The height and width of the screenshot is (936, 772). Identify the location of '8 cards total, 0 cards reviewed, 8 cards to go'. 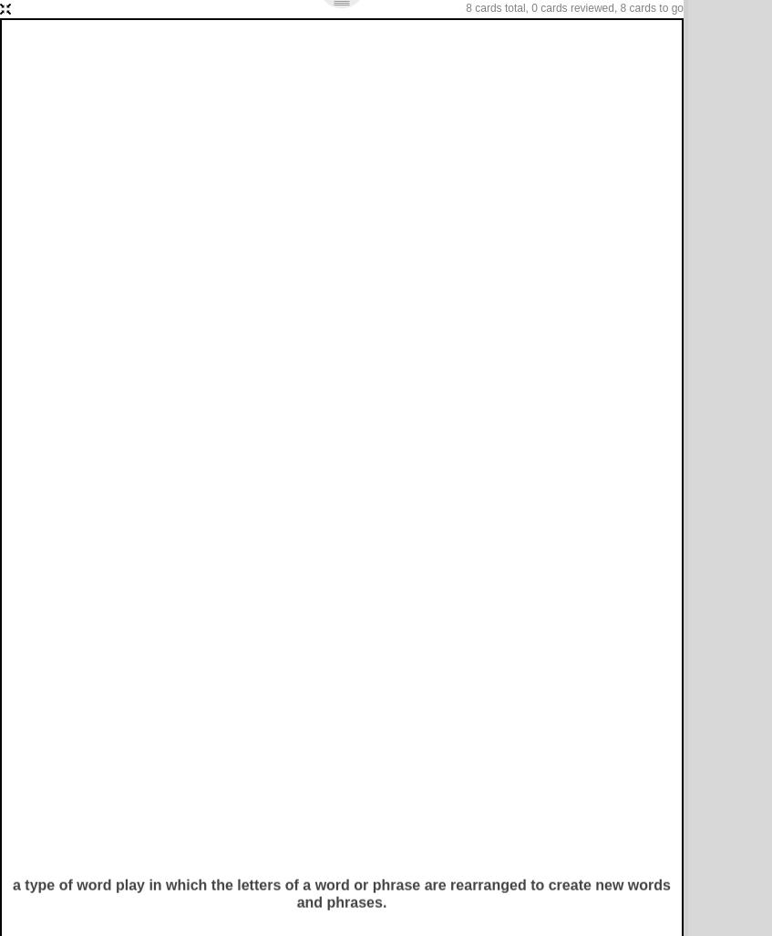
(573, 8).